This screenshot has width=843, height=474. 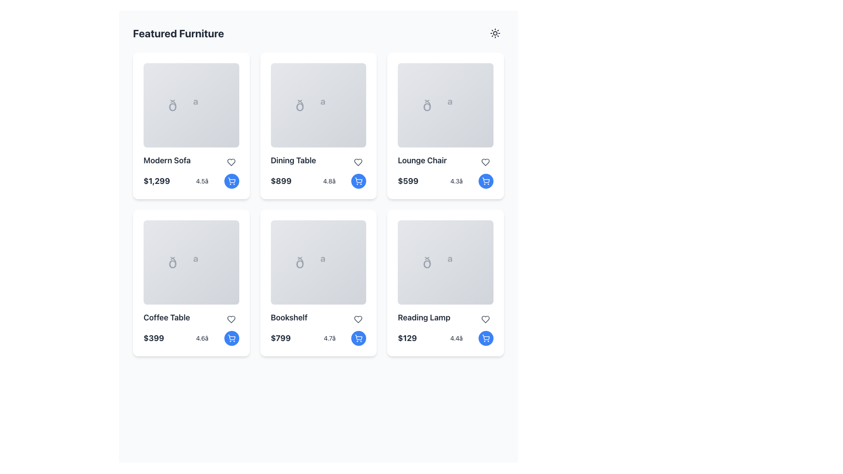 I want to click on the static text label that serves as the title of the product card, located in the third product card of the top row in the grid layout, so click(x=422, y=161).